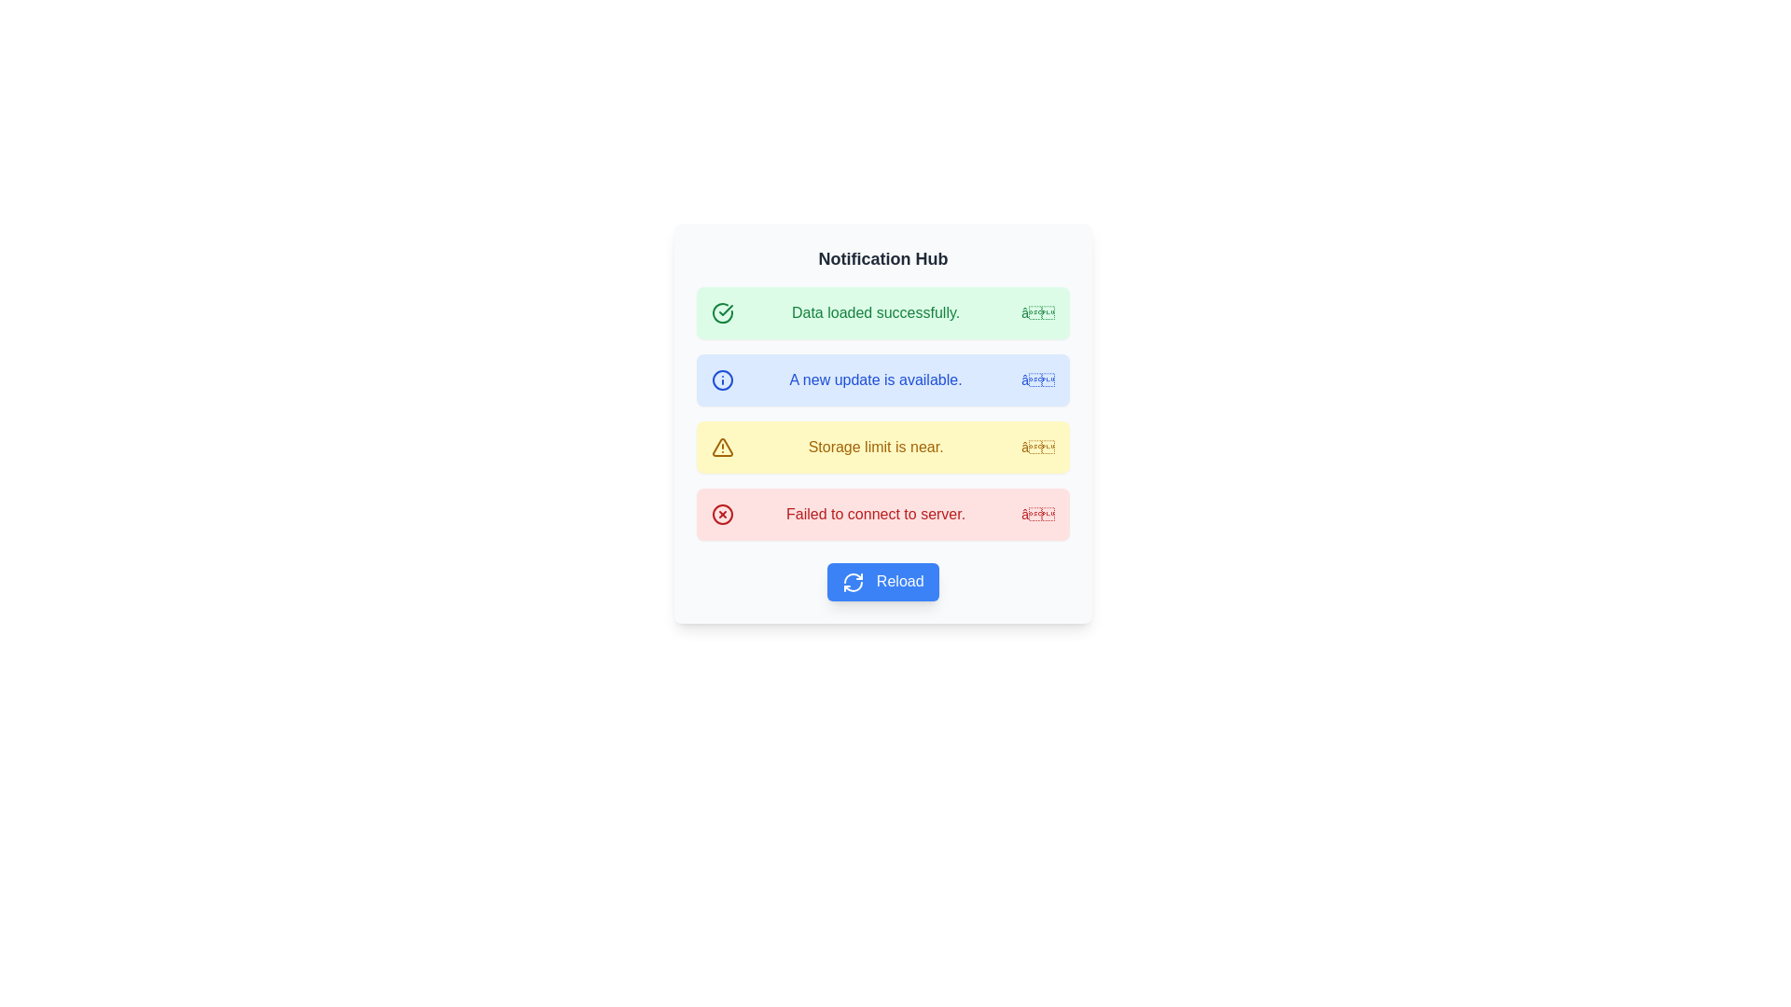 Image resolution: width=1791 pixels, height=1007 pixels. I want to click on the dismiss button located at the rightmost region of the red notification bar, which is positioned to the right of the text message 'Failed to connect to server.', so click(1037, 514).